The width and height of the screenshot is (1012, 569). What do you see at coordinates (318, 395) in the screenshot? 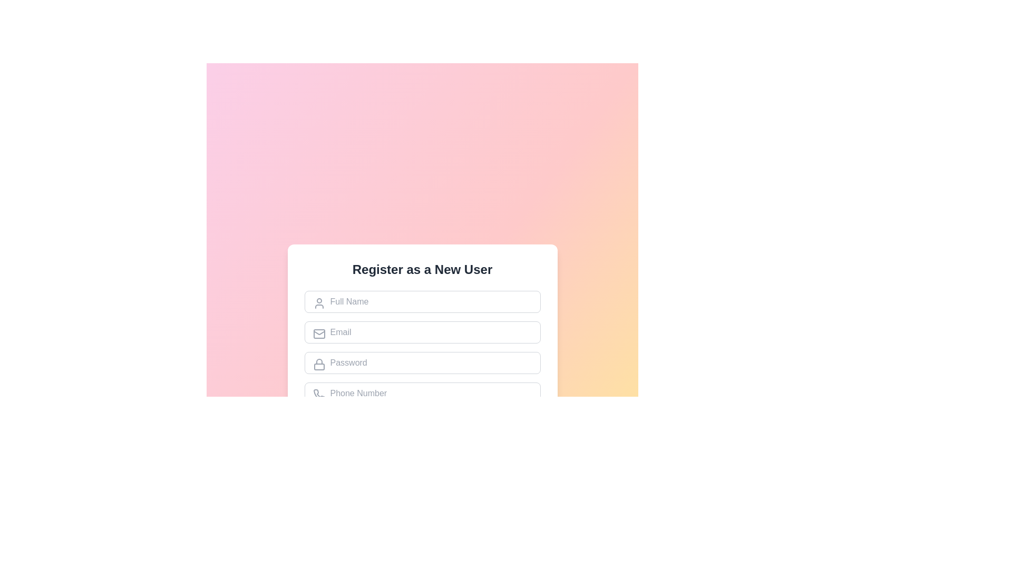
I see `the decorative icon for the phone number input field, which is aligned to the left-hand side and visually indicates the purpose of the field` at bounding box center [318, 395].